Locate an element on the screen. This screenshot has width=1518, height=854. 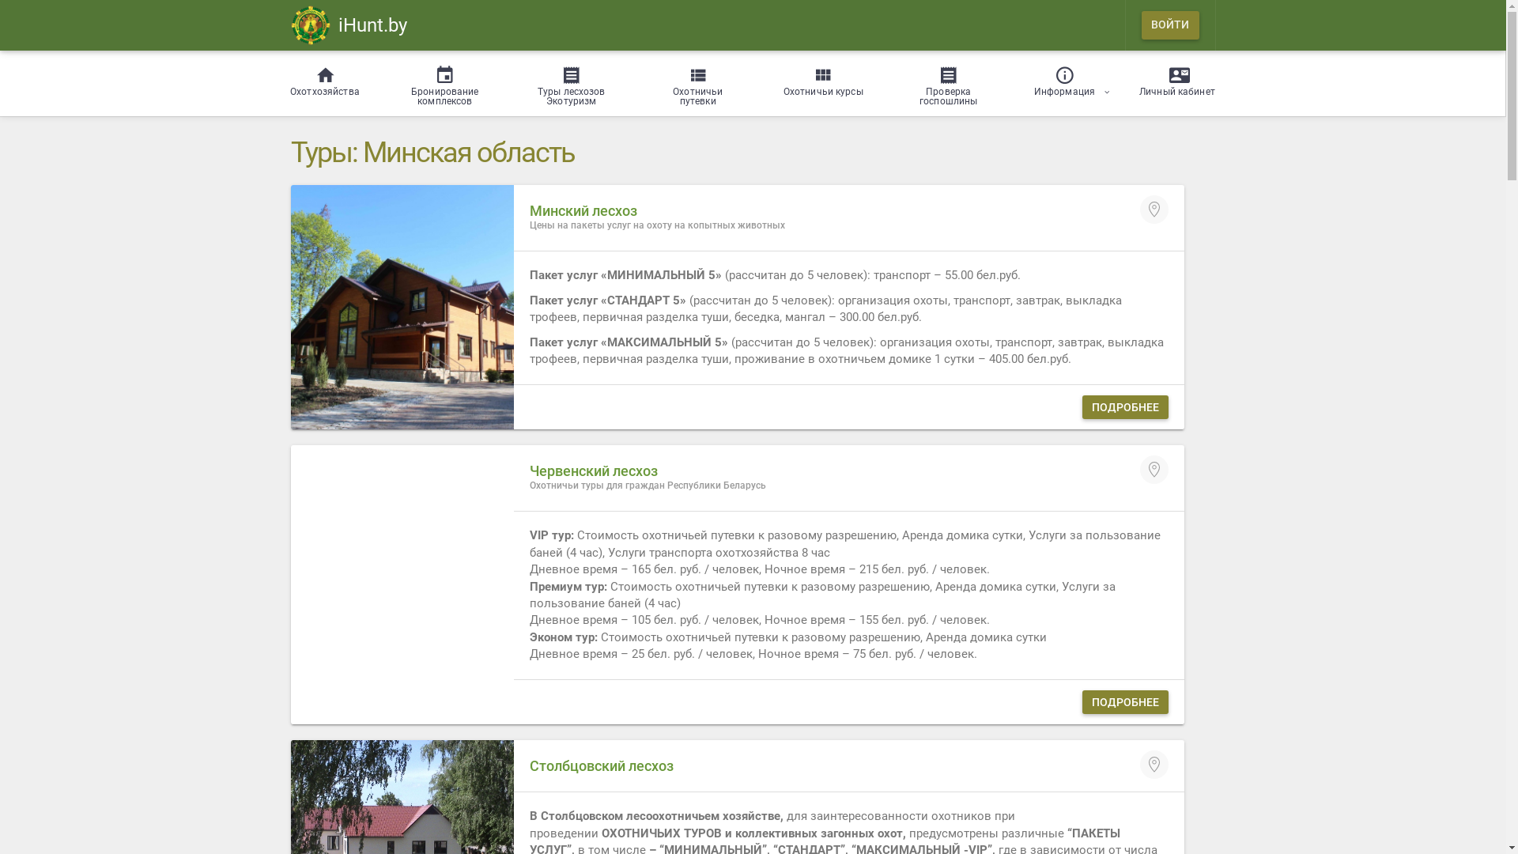
'iHunt.by' is located at coordinates (348, 25).